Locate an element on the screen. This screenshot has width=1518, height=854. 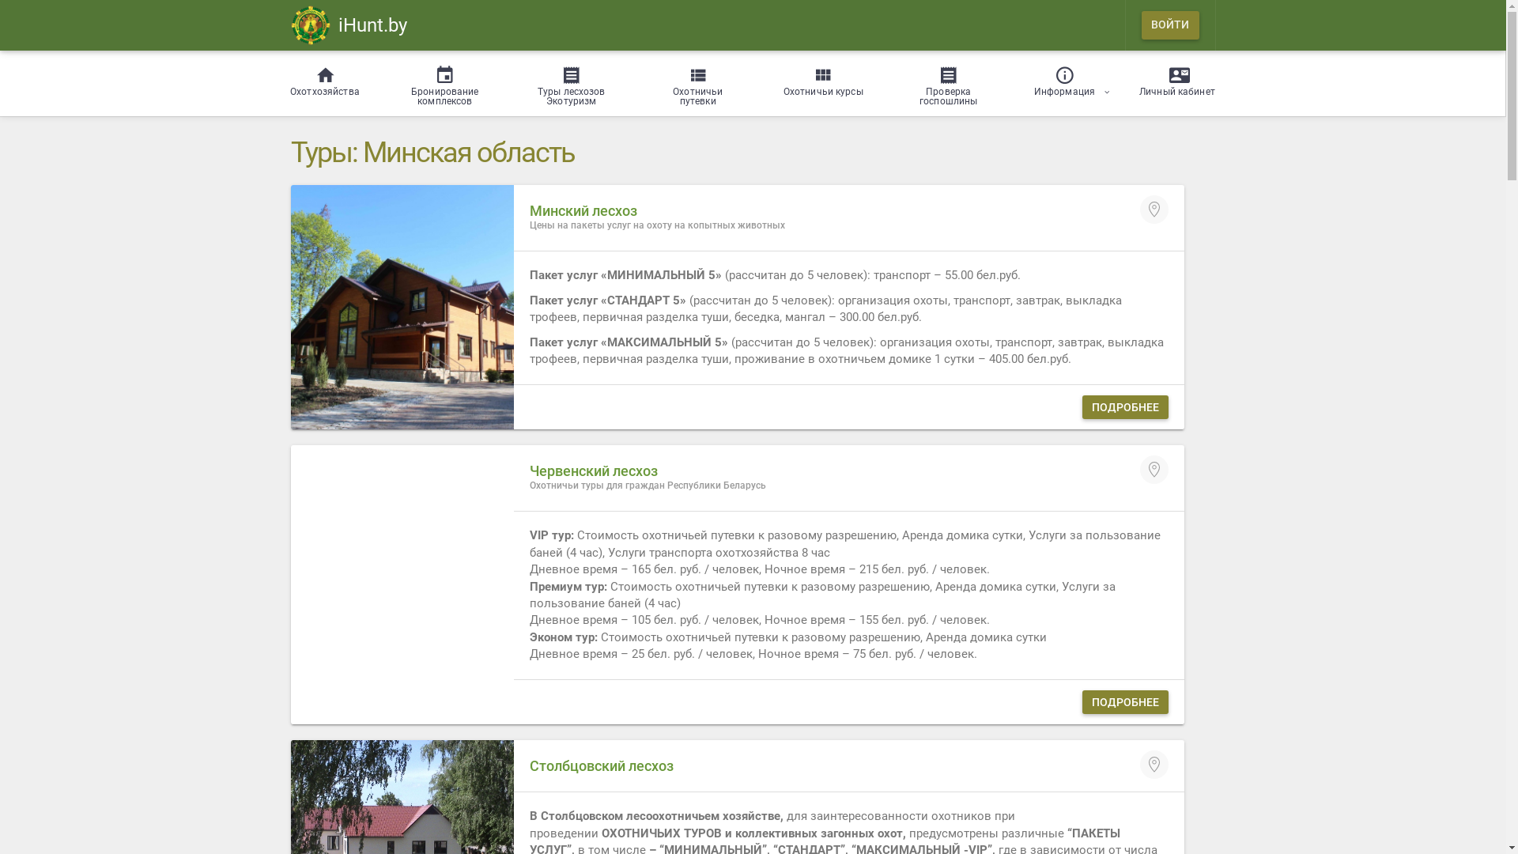
'iHunt.by' is located at coordinates (348, 25).